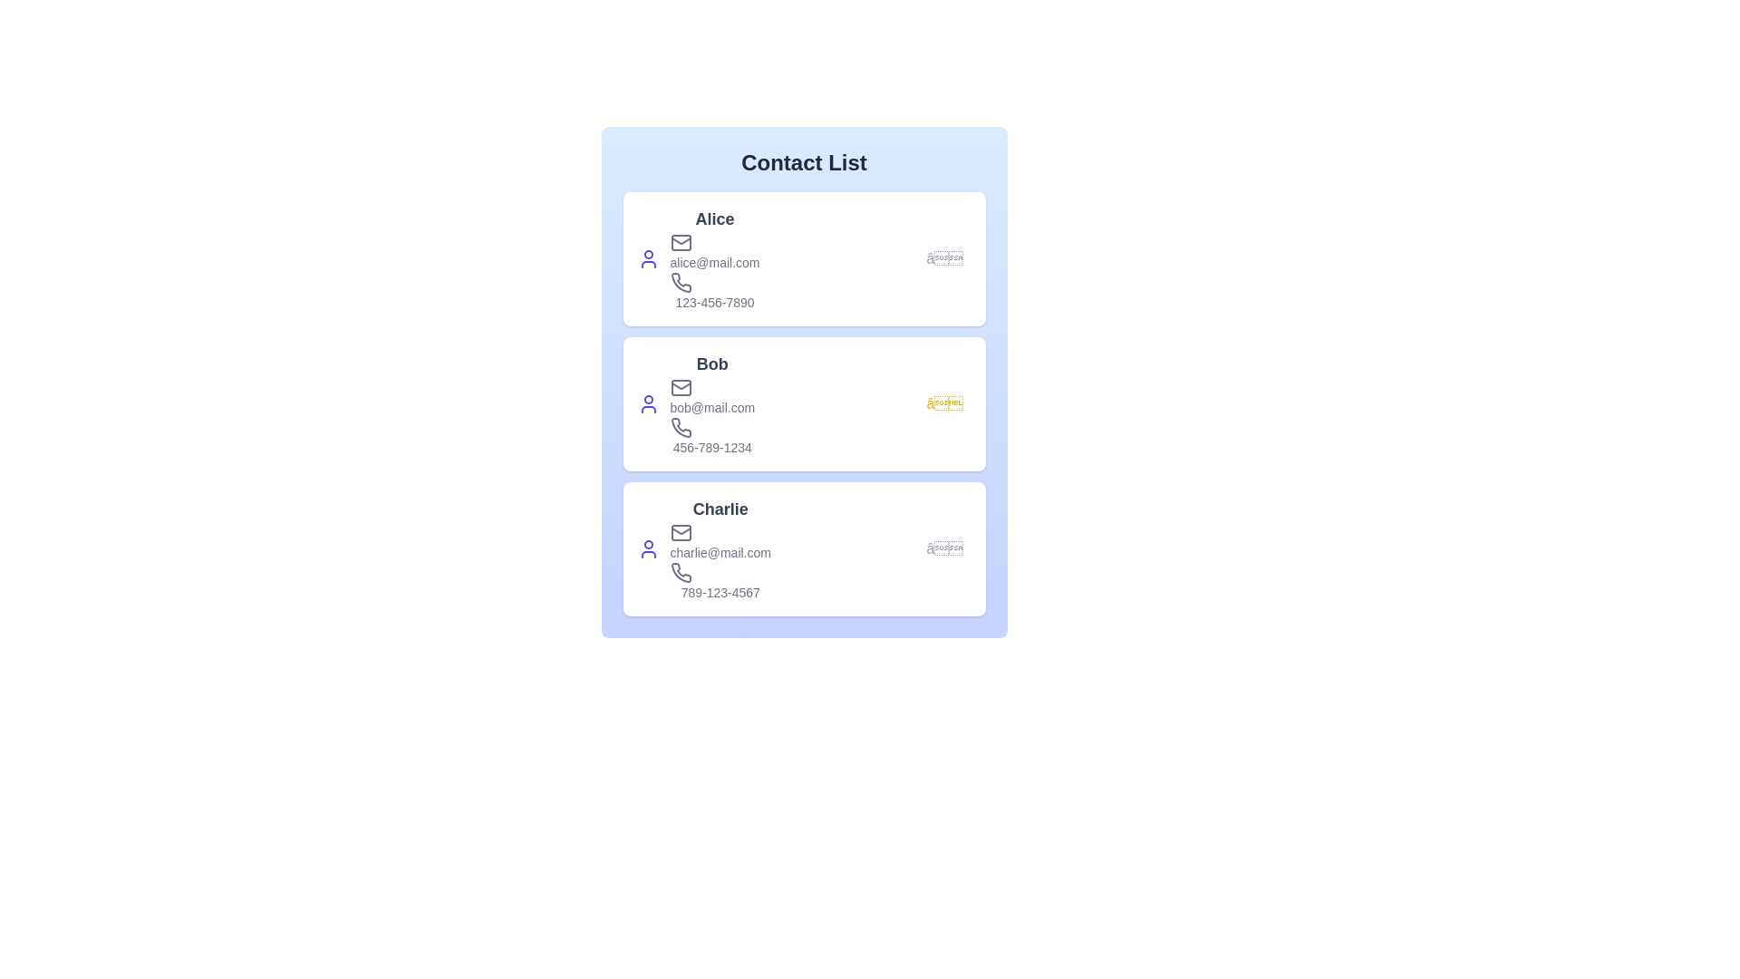 This screenshot has height=979, width=1740. I want to click on the phone icon for the contact Charlie, so click(680, 573).